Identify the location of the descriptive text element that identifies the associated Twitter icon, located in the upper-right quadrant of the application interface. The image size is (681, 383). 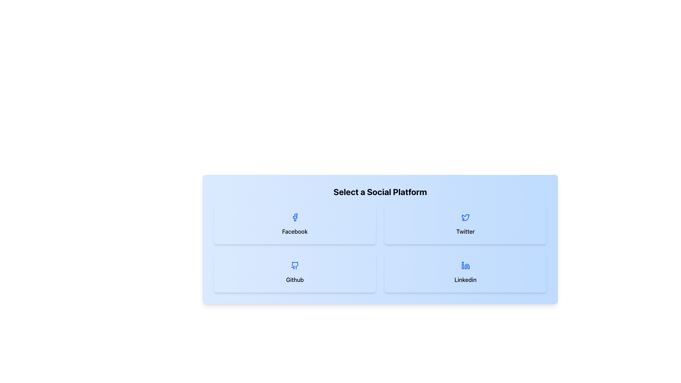
(465, 231).